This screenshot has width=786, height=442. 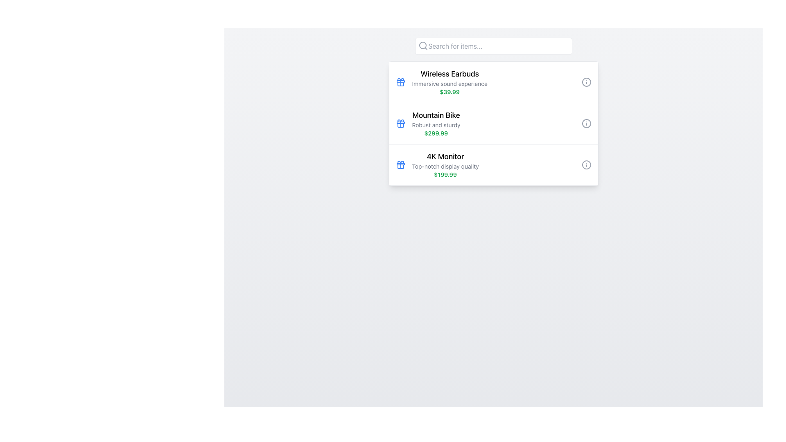 What do you see at coordinates (586, 165) in the screenshot?
I see `the SVG circle component located inside the info icon of the third item in a vertical list` at bounding box center [586, 165].